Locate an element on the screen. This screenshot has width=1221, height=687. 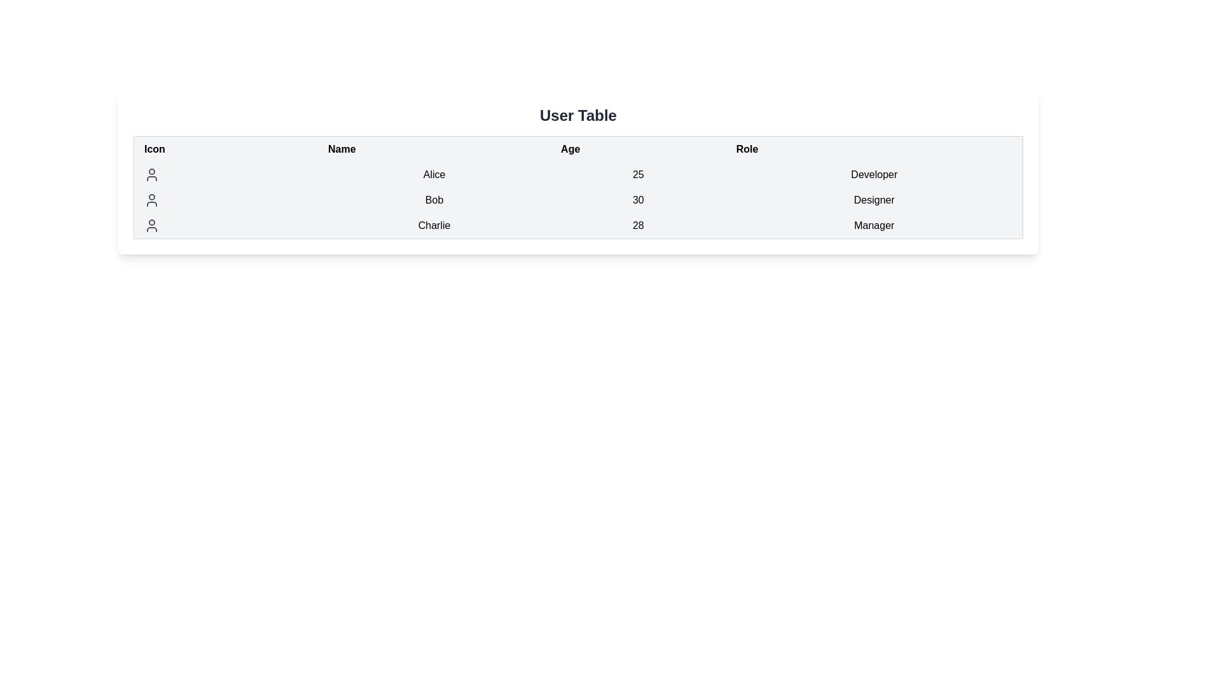
the text label 'Charlie' in the third row's 'Name' column of the user table is located at coordinates (434, 225).